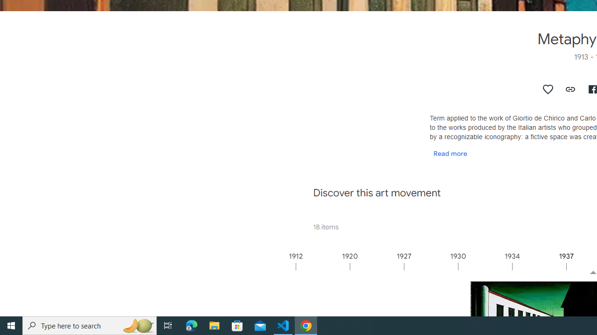 The image size is (597, 335). Describe the element at coordinates (570, 89) in the screenshot. I see `'Copy Link'` at that location.